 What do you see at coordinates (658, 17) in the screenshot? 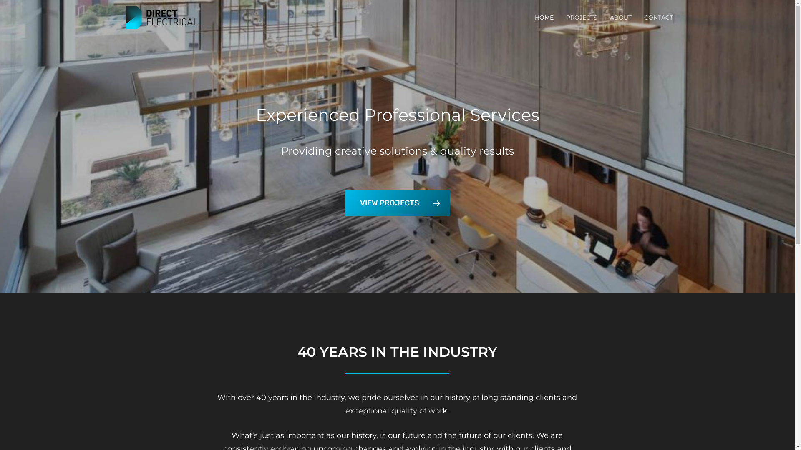
I see `'CONTACT'` at bounding box center [658, 17].